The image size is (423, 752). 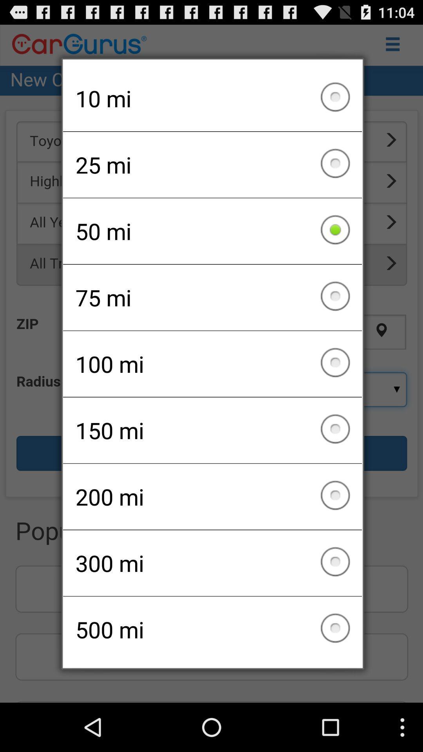 I want to click on 500 mi icon, so click(x=212, y=629).